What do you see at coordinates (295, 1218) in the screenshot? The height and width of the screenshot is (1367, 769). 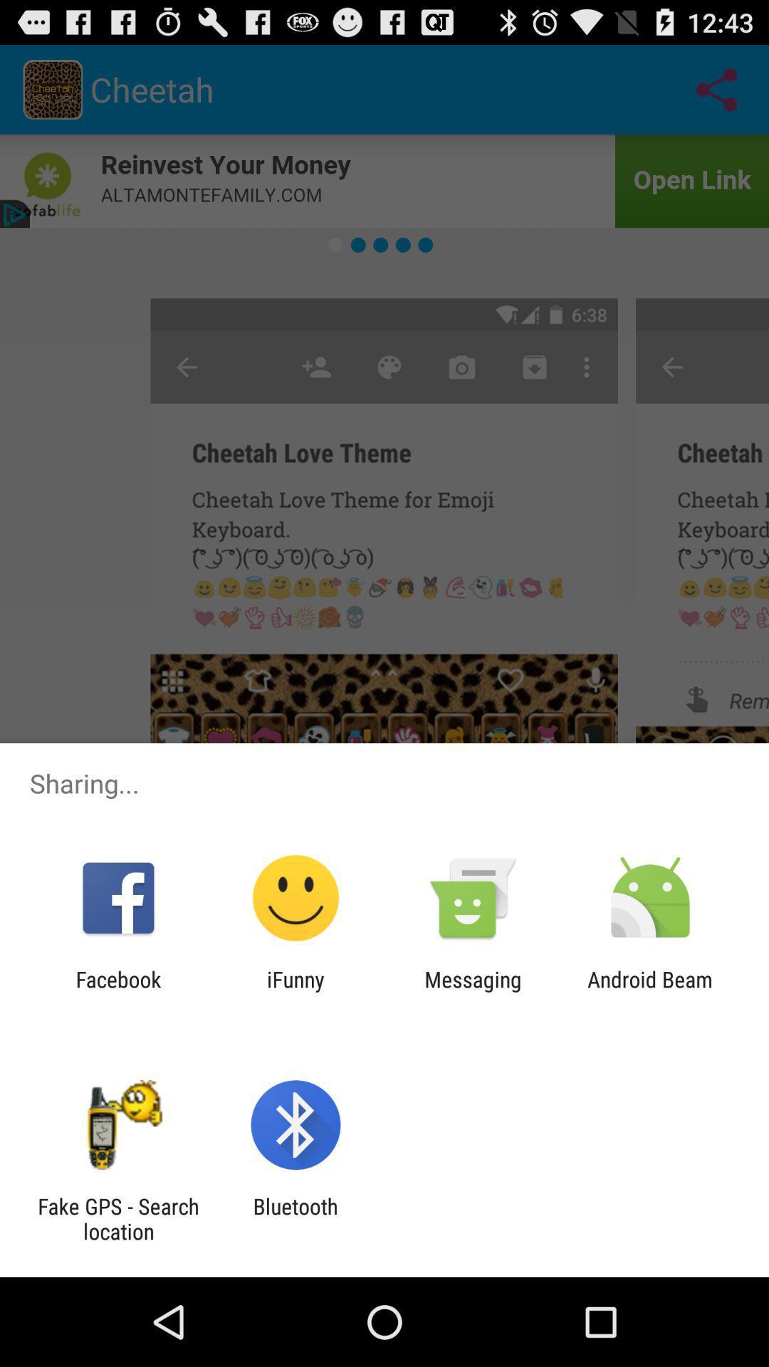 I see `the bluetooth icon` at bounding box center [295, 1218].